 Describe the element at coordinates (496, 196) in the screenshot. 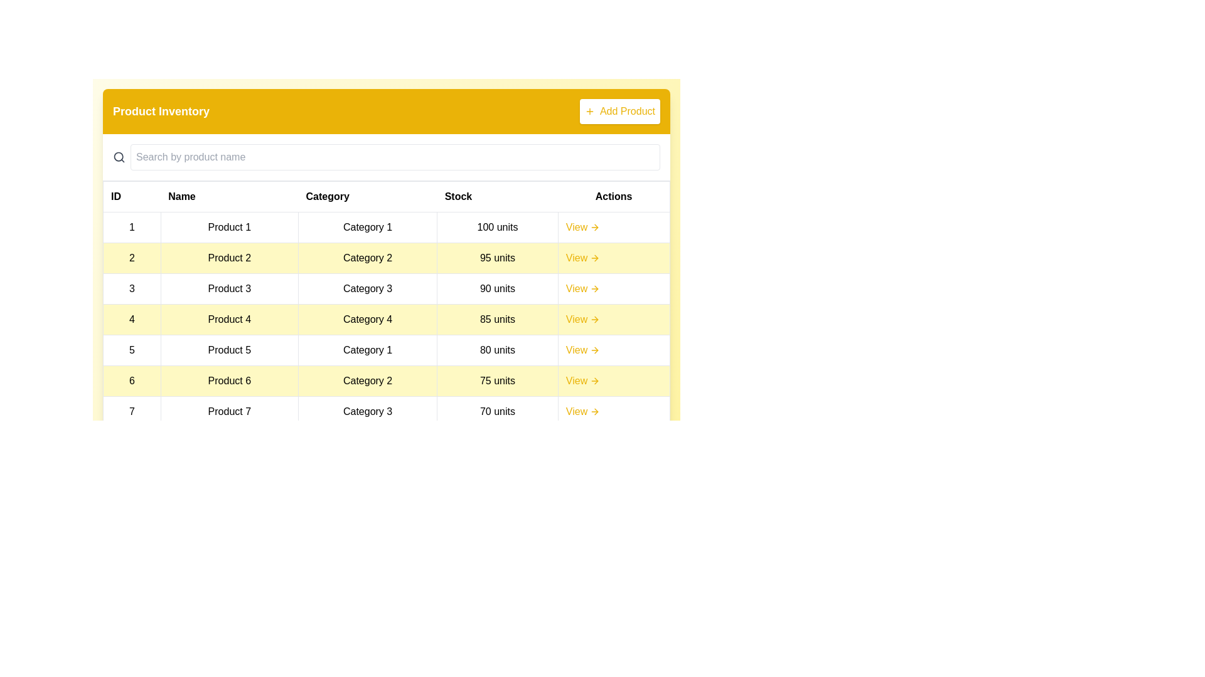

I see `the table header to sort by Stock` at that location.